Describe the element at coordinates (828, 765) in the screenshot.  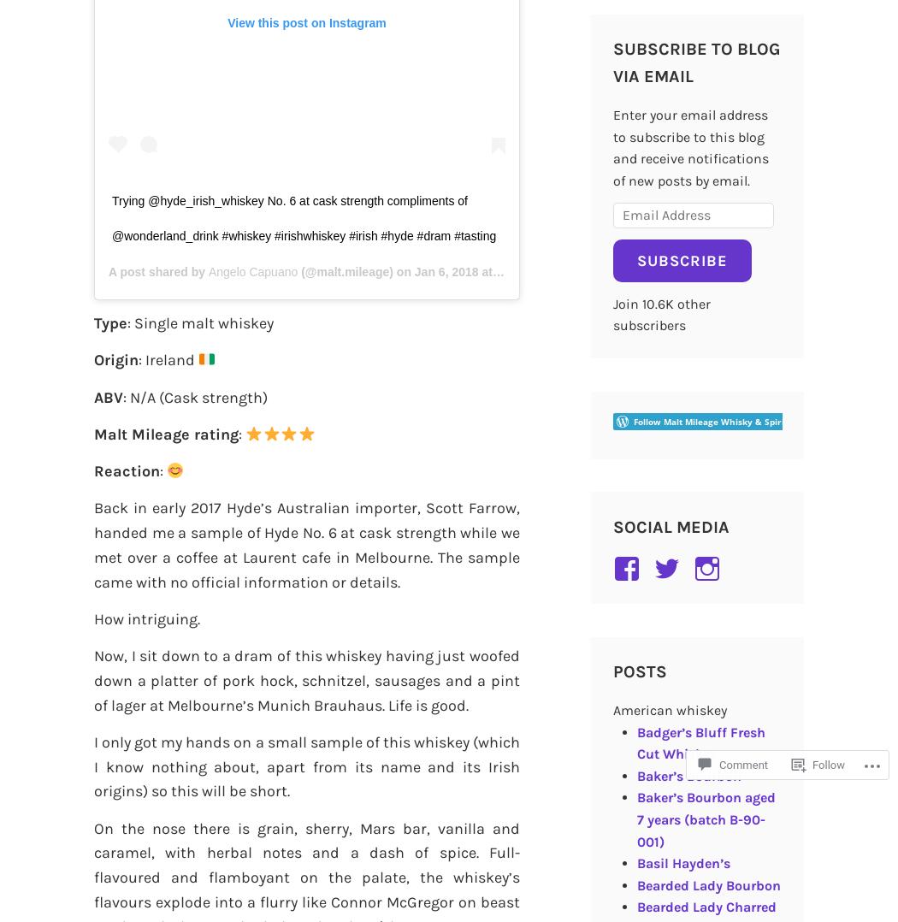
I see `'Follow'` at that location.